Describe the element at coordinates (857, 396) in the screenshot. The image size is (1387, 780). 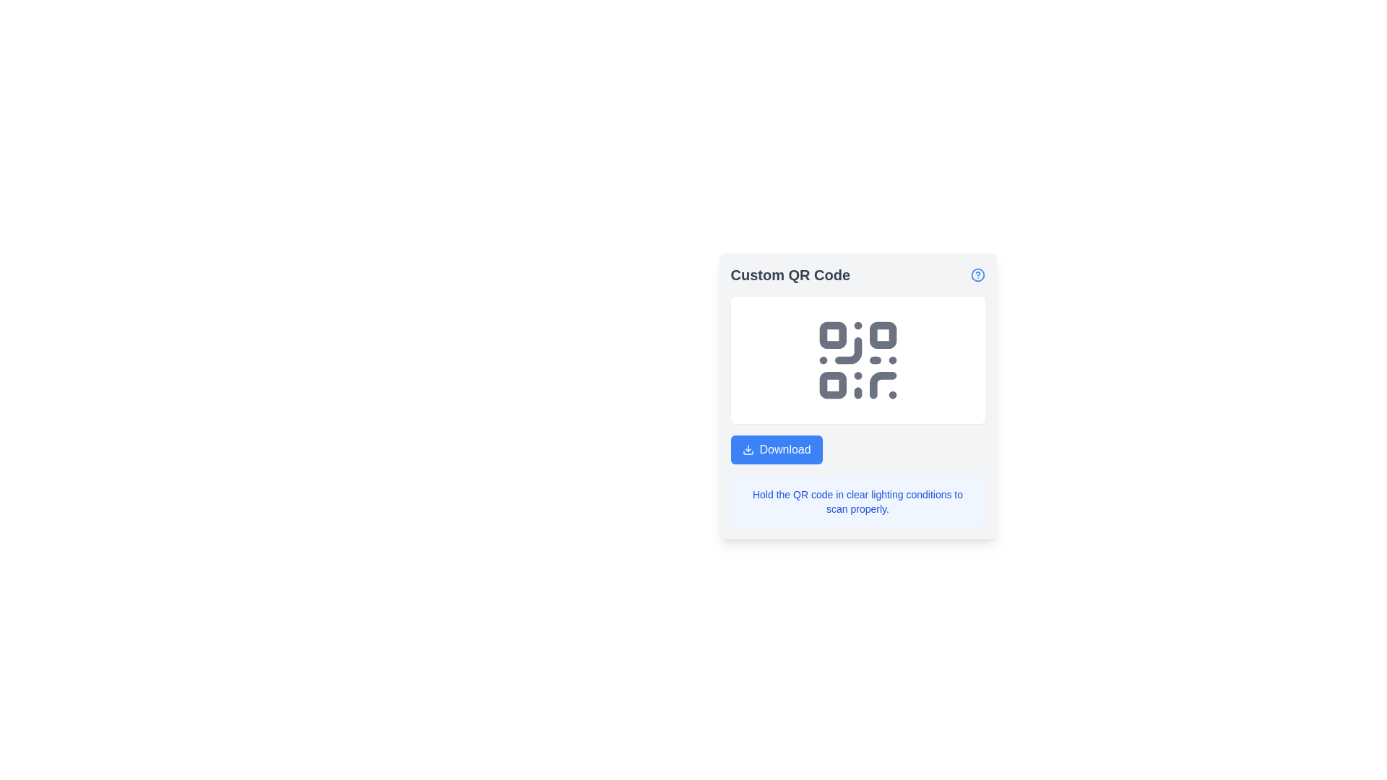
I see `the QR code display panel` at that location.